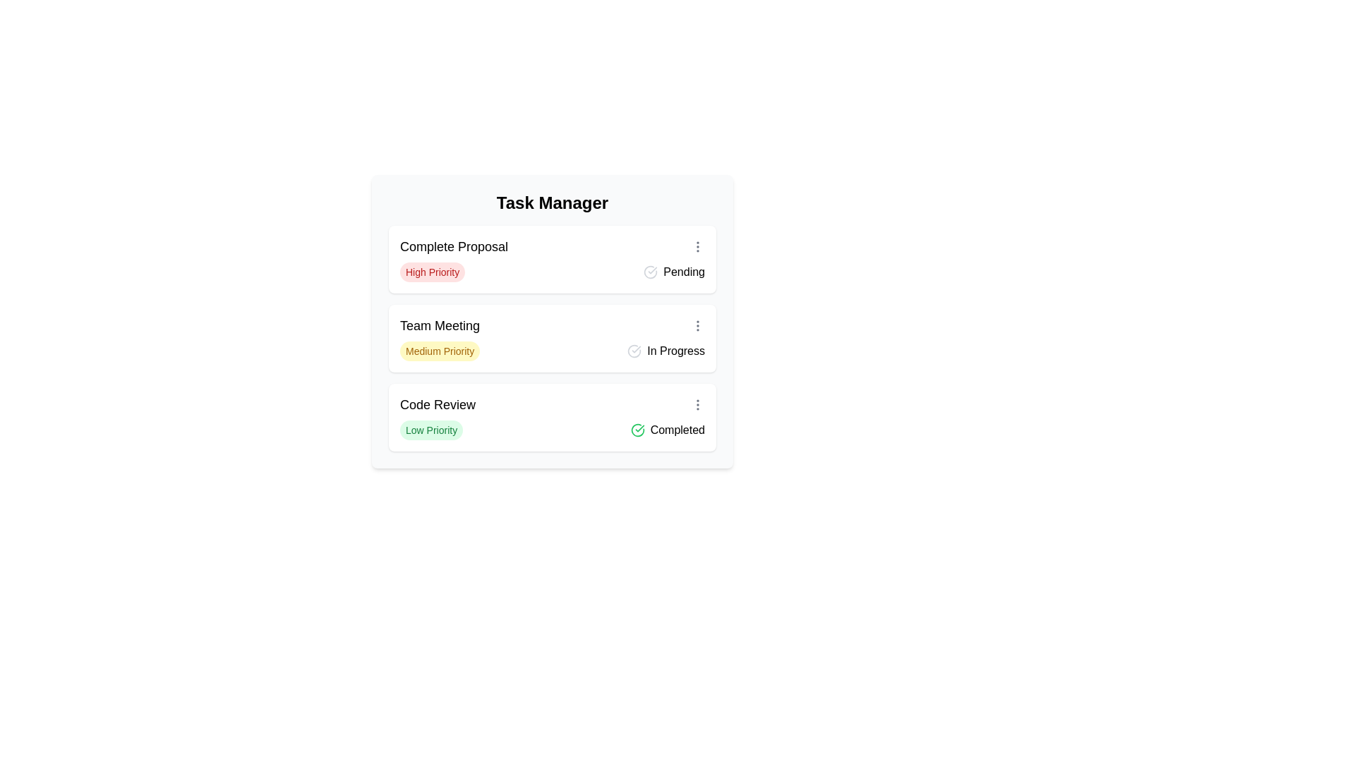 The height and width of the screenshot is (762, 1355). What do you see at coordinates (432, 272) in the screenshot?
I see `the Badge element that visually represents the priority level of the associated task, located beneath the 'Complete Proposal' text and aligned with the 'Pending' status indicator` at bounding box center [432, 272].